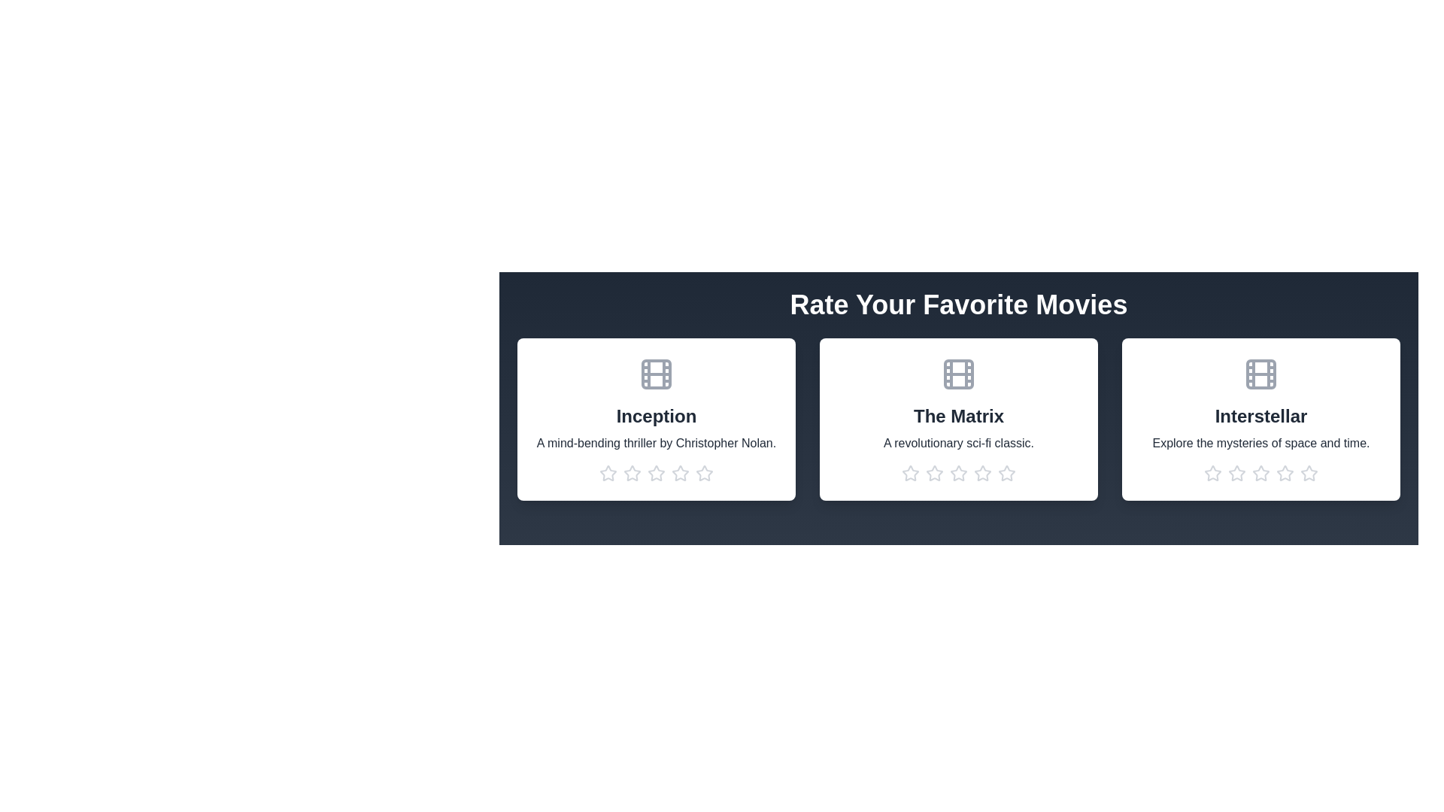  I want to click on the title and description of the movie The Matrix, so click(958, 417).